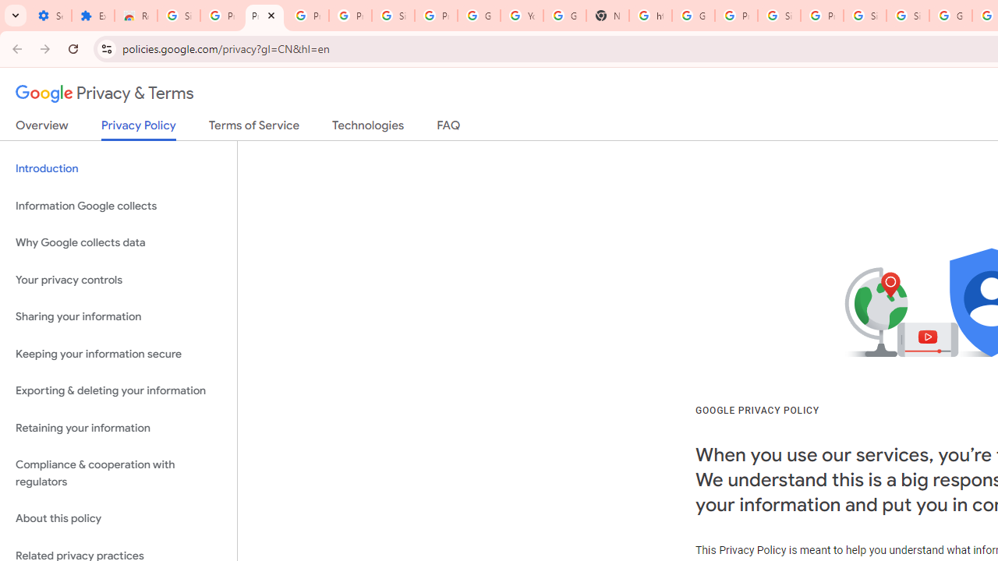  I want to click on 'Why Google collects data', so click(118, 243).